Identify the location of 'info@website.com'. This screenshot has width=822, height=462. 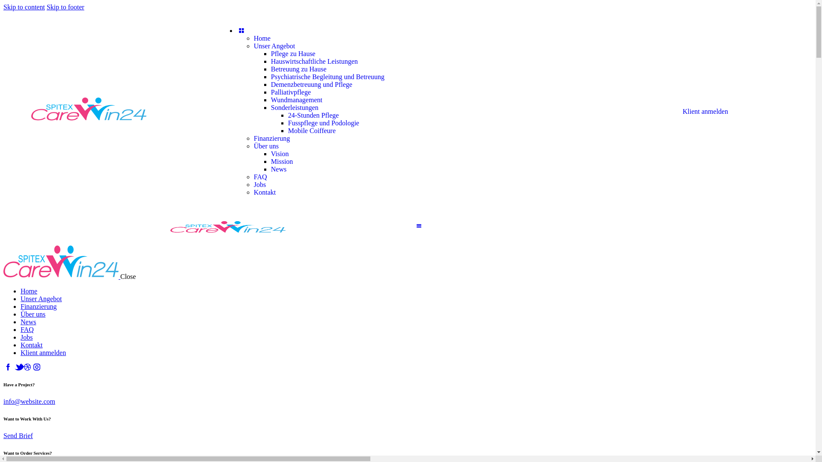
(29, 401).